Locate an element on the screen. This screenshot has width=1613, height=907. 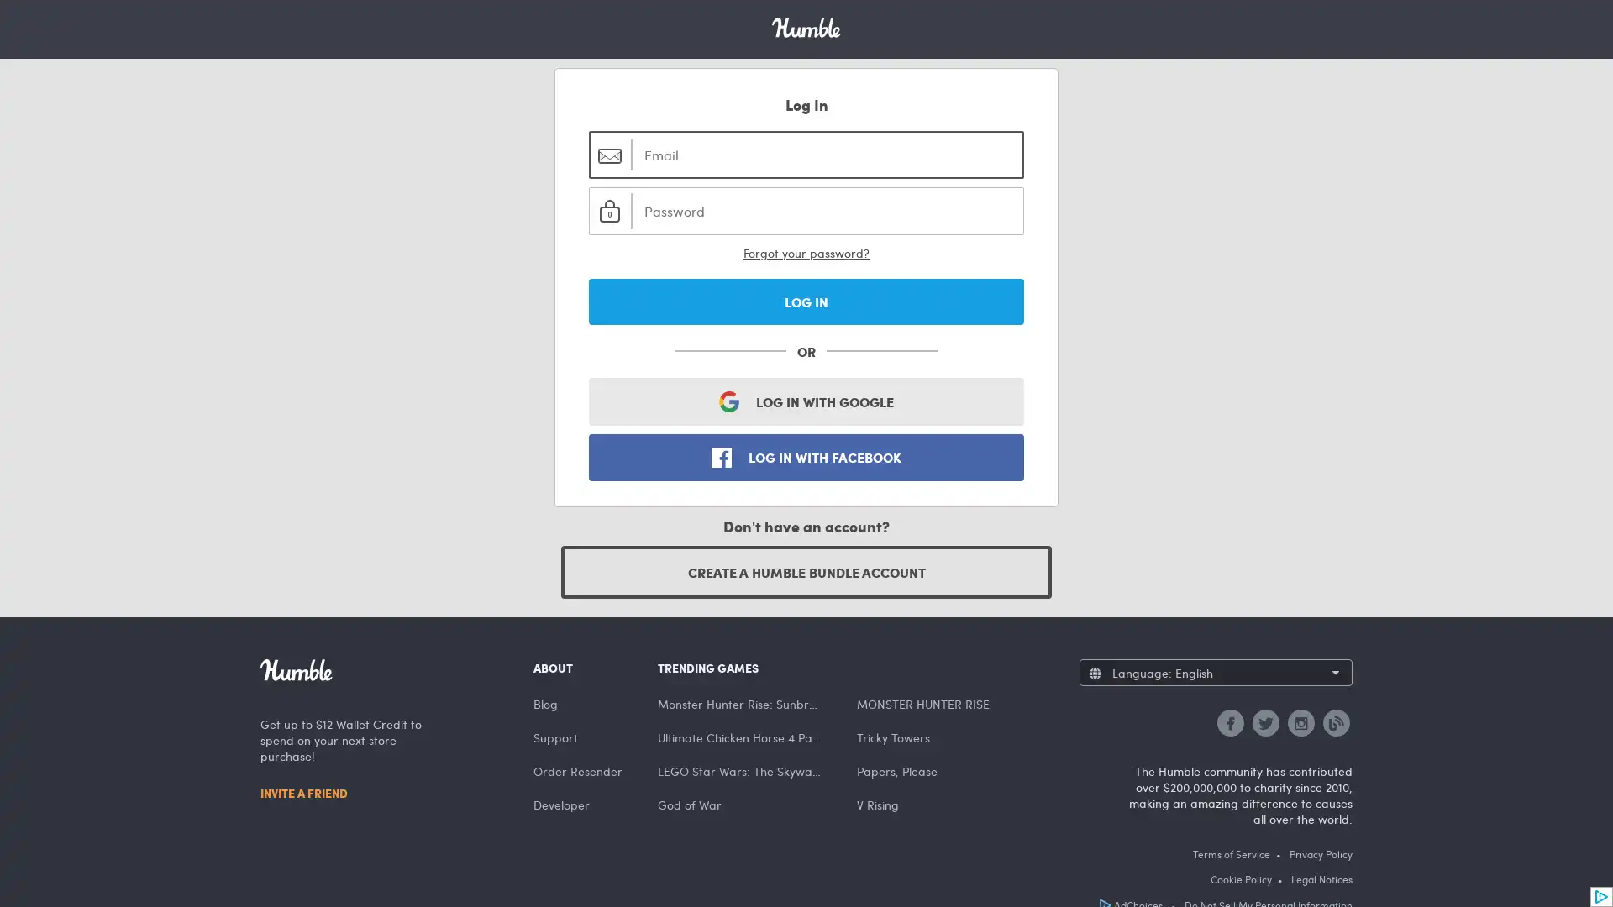
Deutsch is located at coordinates (1116, 803).